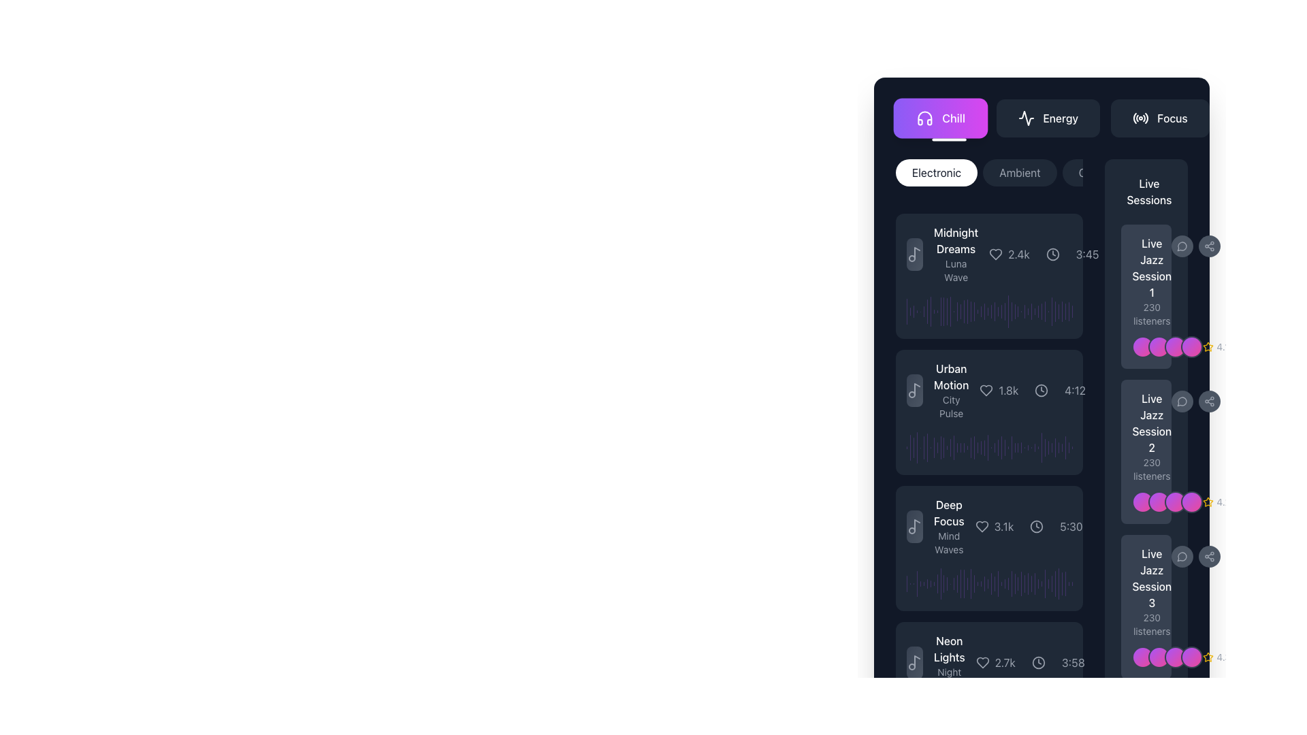 The image size is (1307, 735). What do you see at coordinates (989, 255) in the screenshot?
I see `details of the music track displayed in the information card located between the 'Electronic' tabs and the 'Urban Motion' track` at bounding box center [989, 255].